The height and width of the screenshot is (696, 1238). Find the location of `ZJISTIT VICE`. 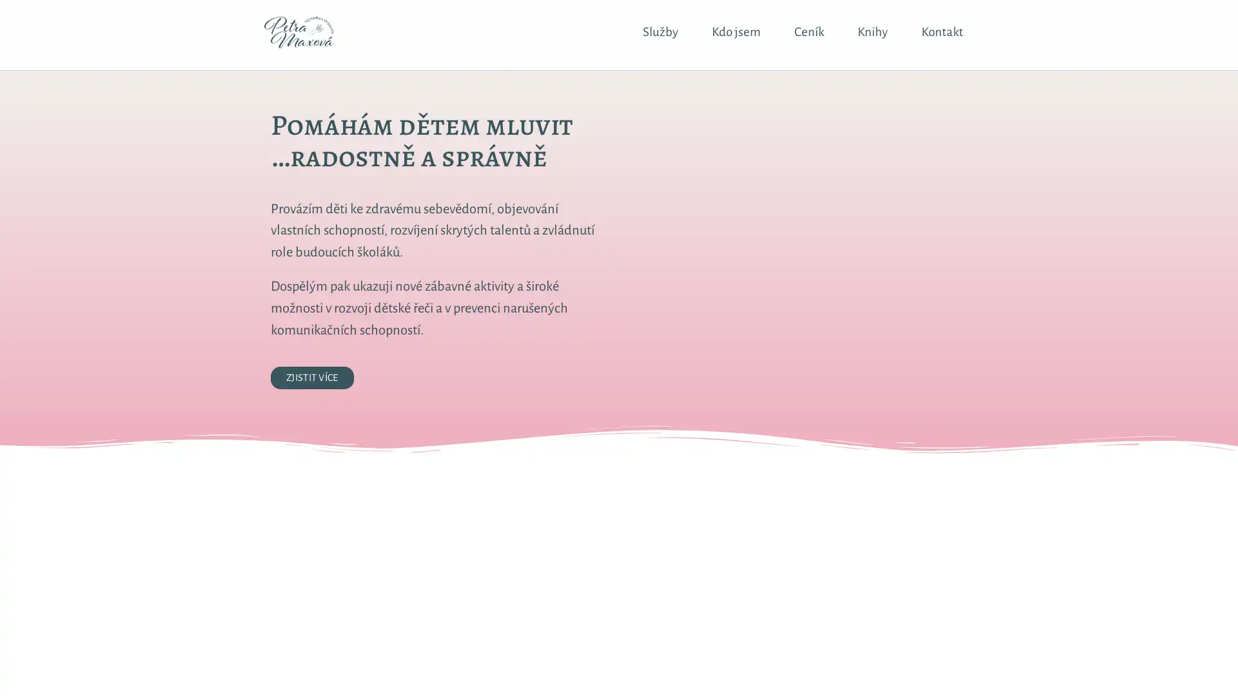

ZJISTIT VICE is located at coordinates (312, 377).